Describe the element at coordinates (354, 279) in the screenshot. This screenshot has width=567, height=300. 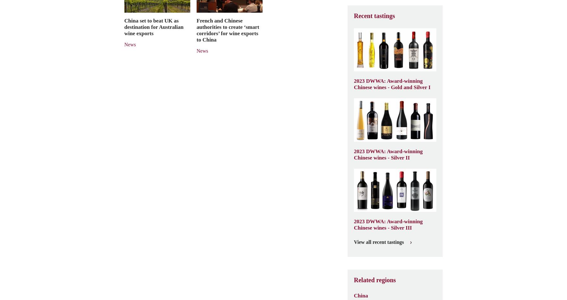
I see `'Related regions'` at that location.